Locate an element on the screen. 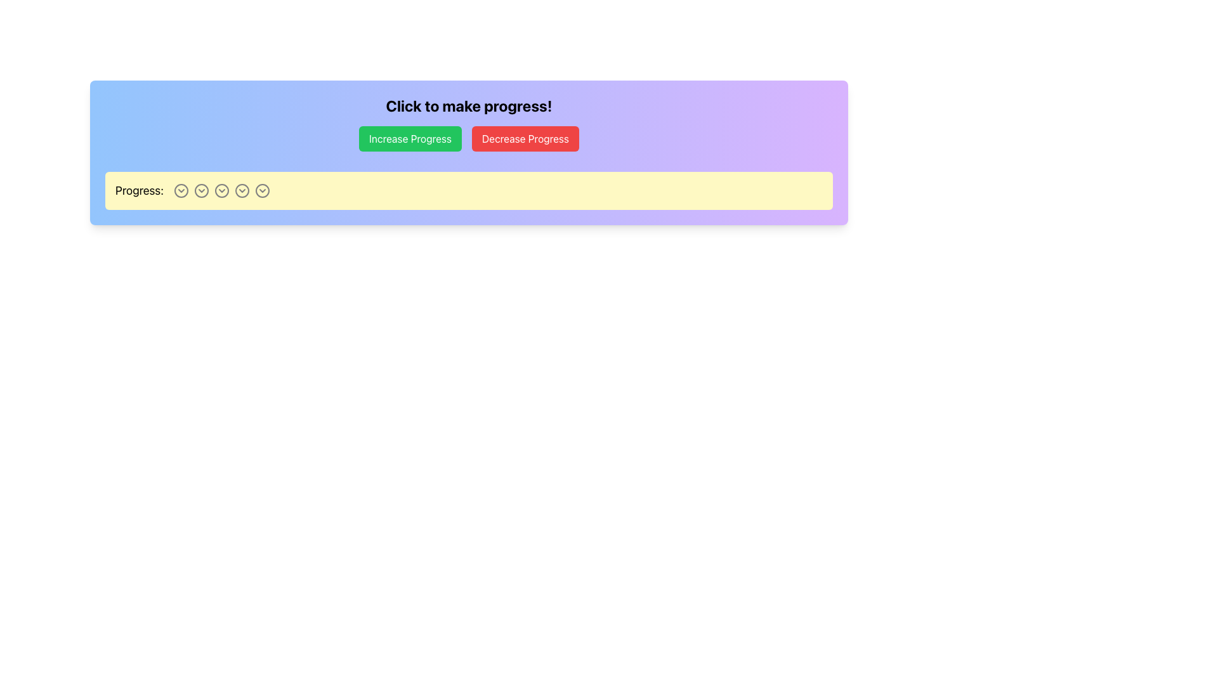 This screenshot has height=685, width=1218. the large bold black text that states 'Click to make progress!', which is centrally aligned within a gradient background transitioning from blue to purple is located at coordinates (468, 105).